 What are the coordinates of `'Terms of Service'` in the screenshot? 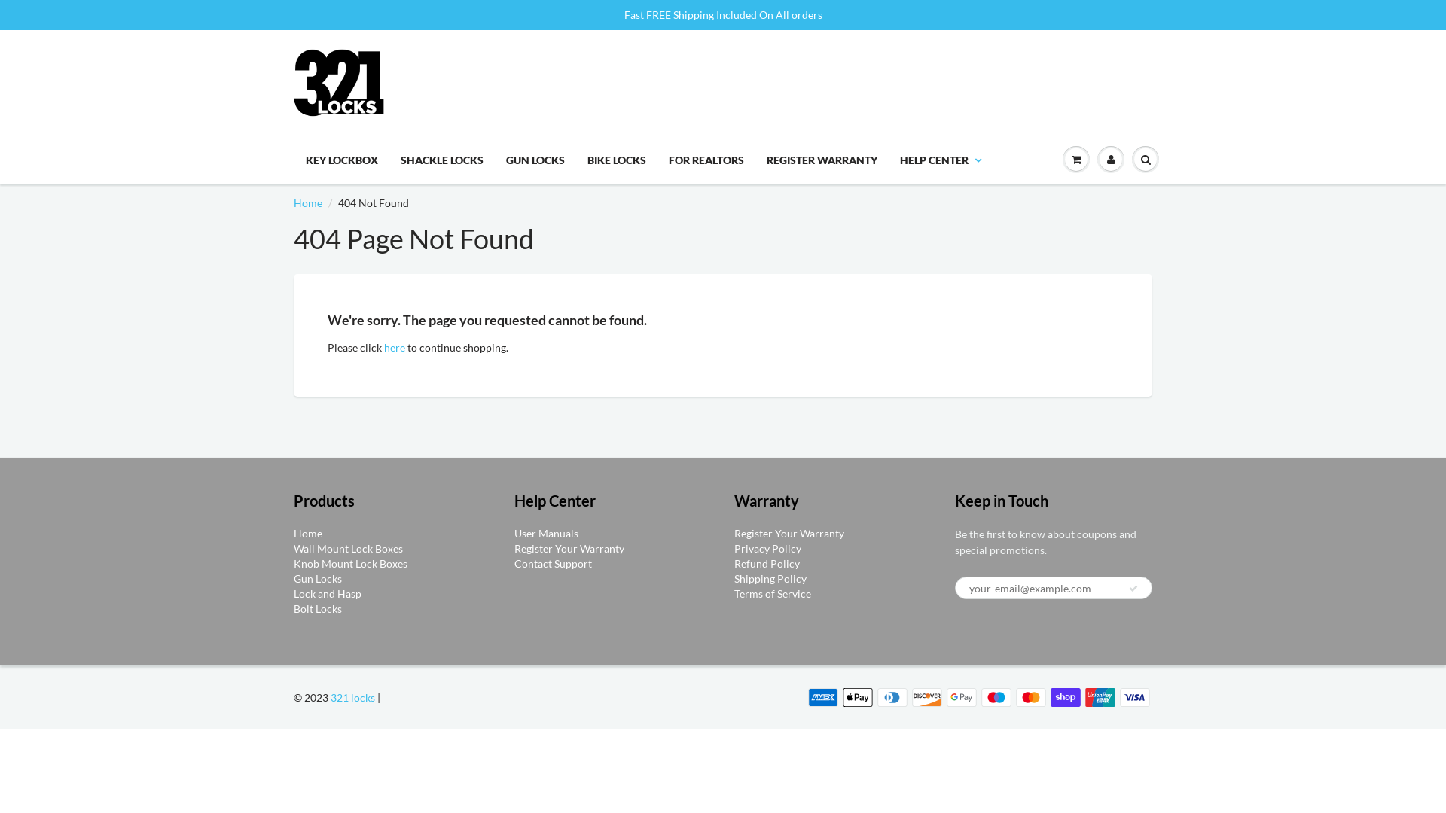 It's located at (773, 592).